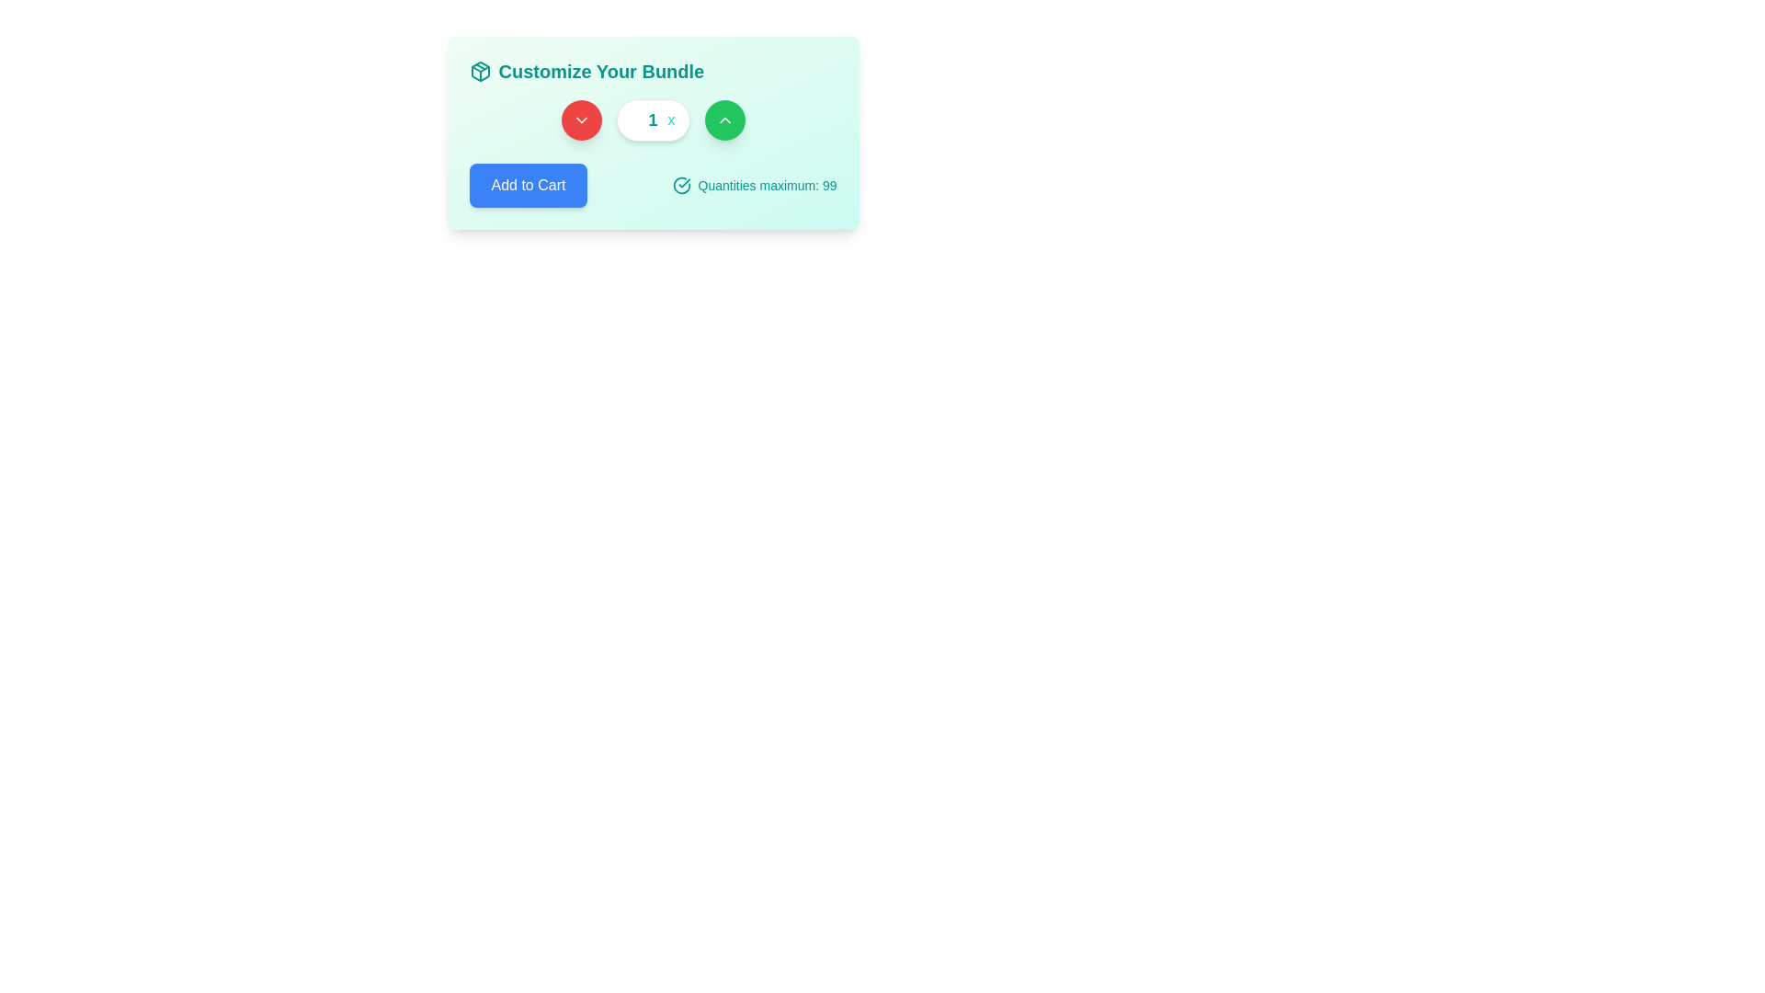 This screenshot has width=1765, height=993. I want to click on text label that informs users about the purpose of customizing a bundle, which is centrally aligned in the header area next to a package graphic icon, so click(601, 70).